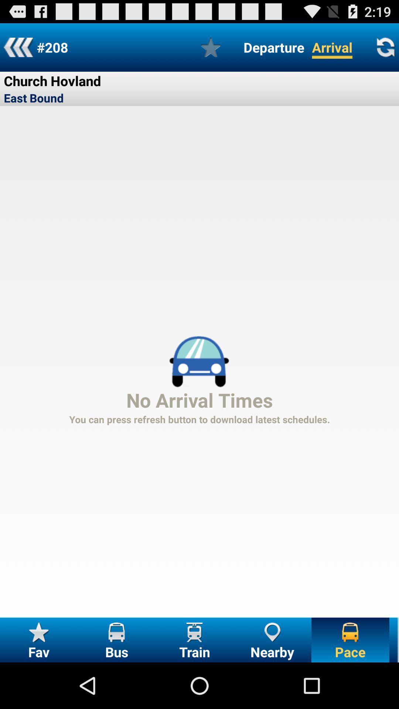 Image resolution: width=399 pixels, height=709 pixels. What do you see at coordinates (18, 50) in the screenshot?
I see `the av_rewind icon` at bounding box center [18, 50].